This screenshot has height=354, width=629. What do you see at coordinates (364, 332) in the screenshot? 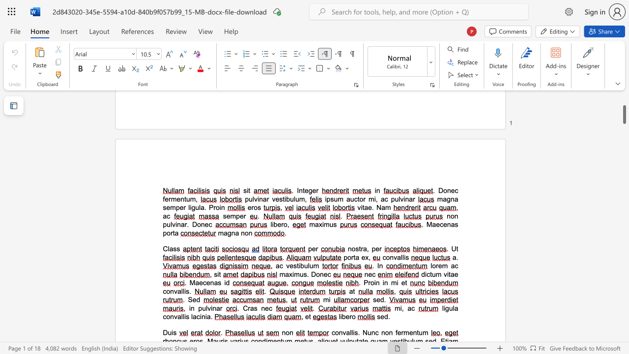
I see `the 1th character "N" in the text` at bounding box center [364, 332].